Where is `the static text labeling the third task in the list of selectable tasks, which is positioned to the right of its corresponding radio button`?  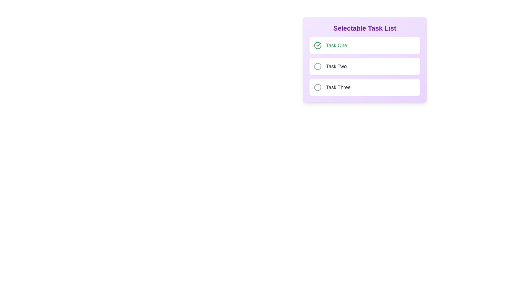
the static text labeling the third task in the list of selectable tasks, which is positioned to the right of its corresponding radio button is located at coordinates (338, 87).